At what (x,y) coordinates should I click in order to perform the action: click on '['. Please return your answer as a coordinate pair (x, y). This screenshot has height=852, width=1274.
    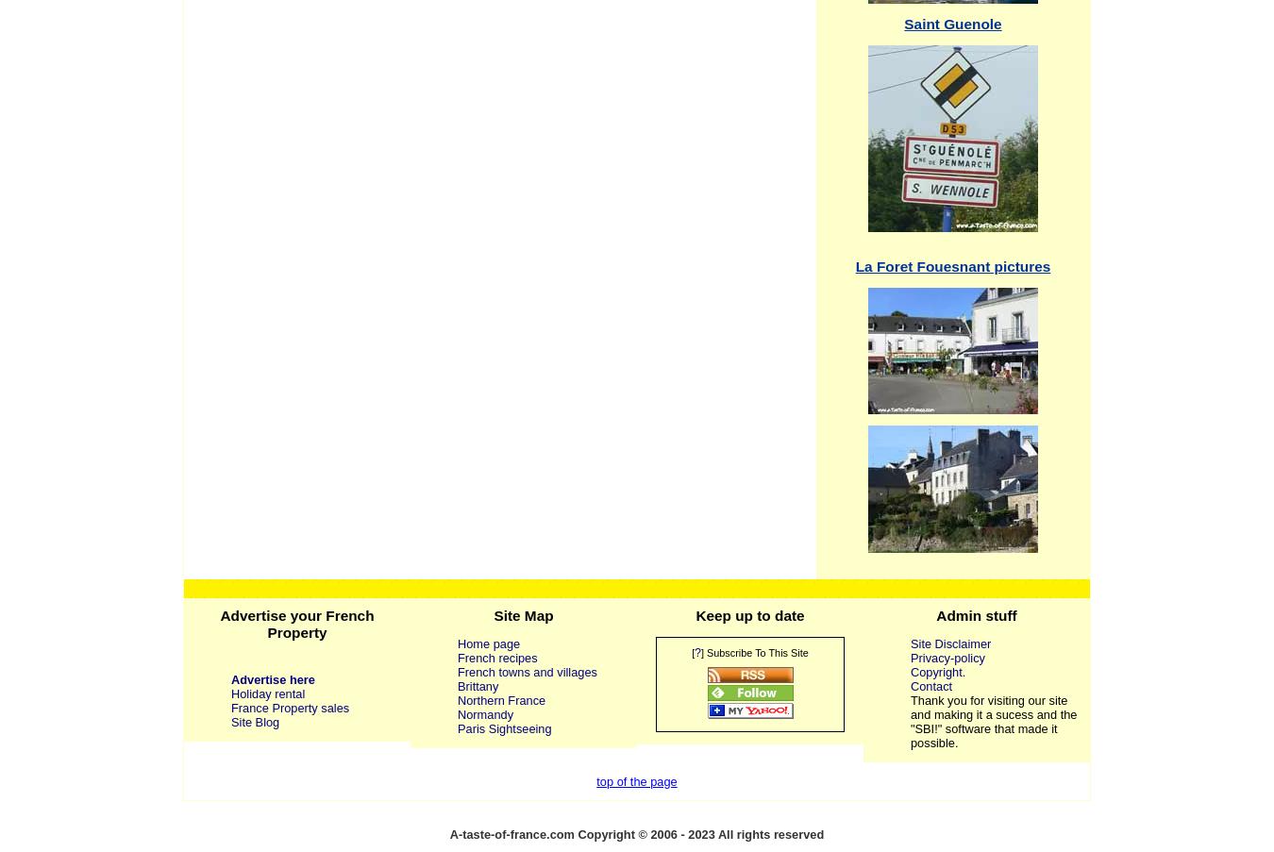
    Looking at the image, I should click on (692, 650).